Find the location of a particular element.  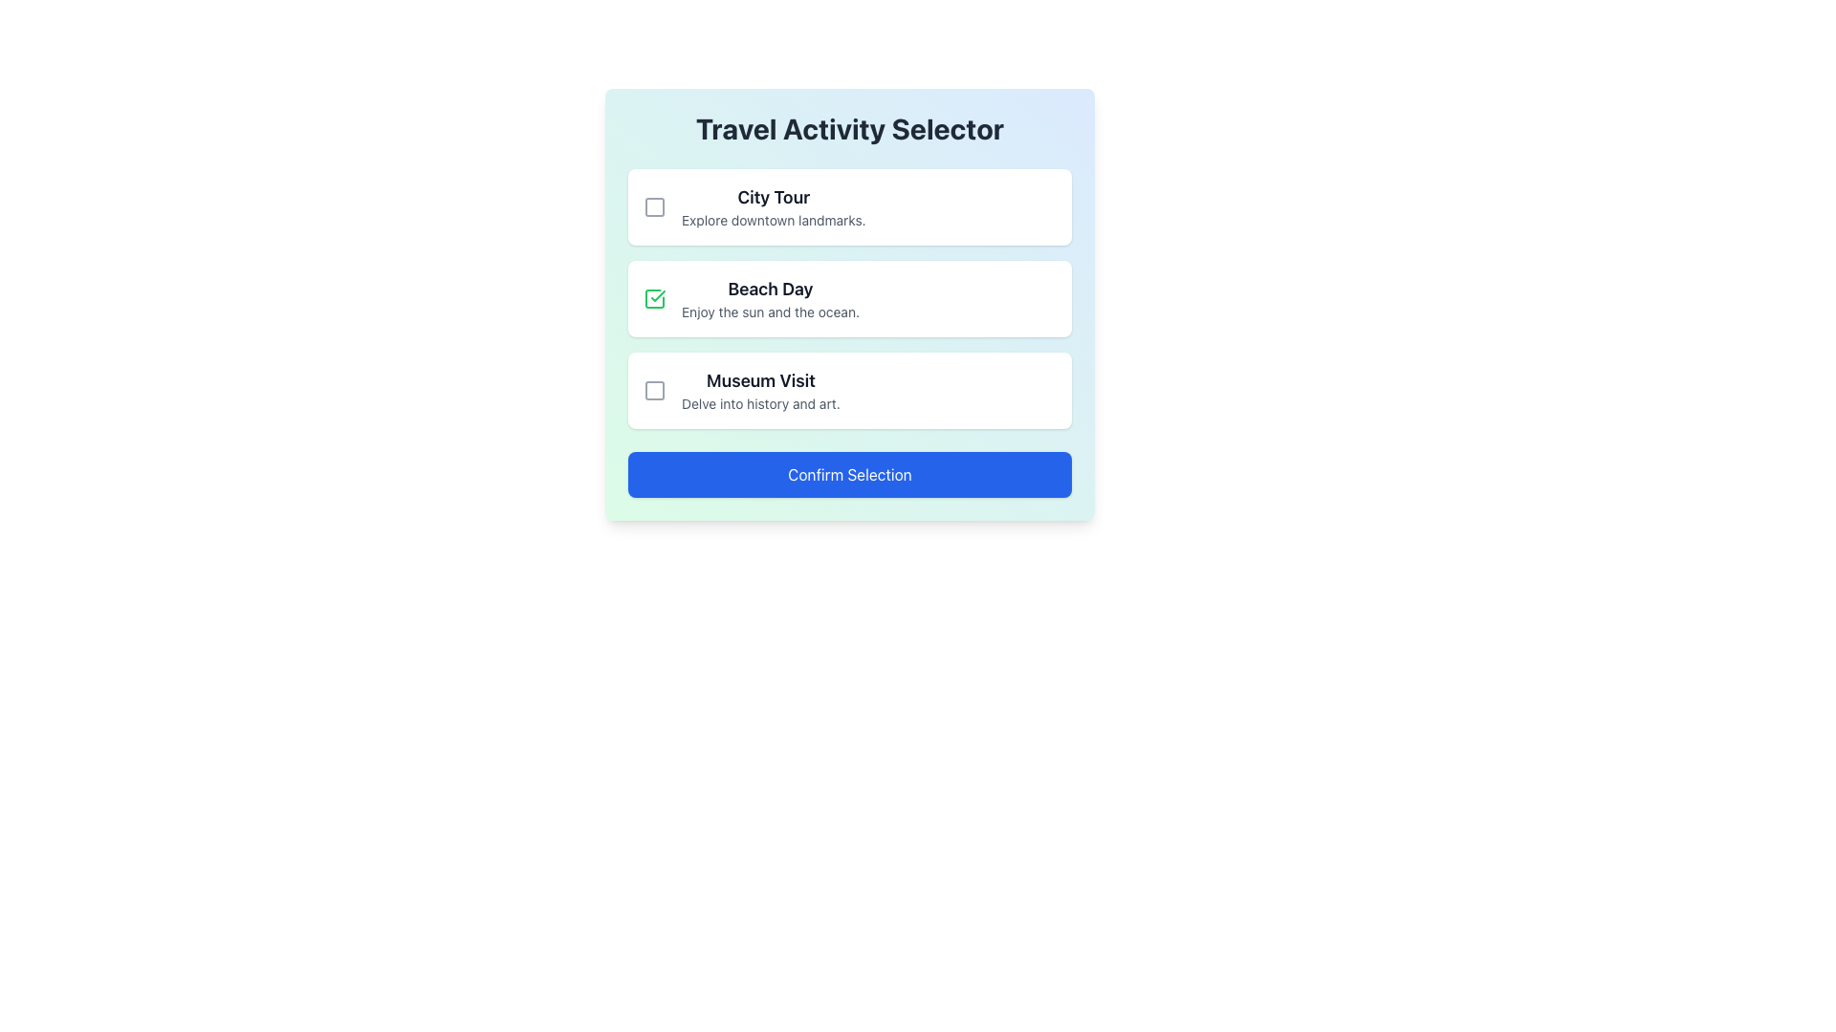

the Checkbox-like UI component rendered as a rounded rectangle within the SVG, which is visually associated with the 'City Tour' list item is located at coordinates (655, 206).